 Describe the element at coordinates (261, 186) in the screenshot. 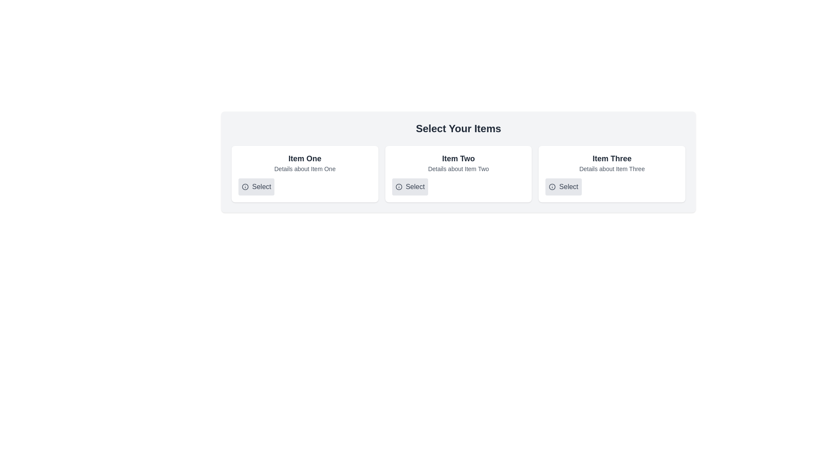

I see `the label within the 'Select' button associated with 'Item One'` at that location.